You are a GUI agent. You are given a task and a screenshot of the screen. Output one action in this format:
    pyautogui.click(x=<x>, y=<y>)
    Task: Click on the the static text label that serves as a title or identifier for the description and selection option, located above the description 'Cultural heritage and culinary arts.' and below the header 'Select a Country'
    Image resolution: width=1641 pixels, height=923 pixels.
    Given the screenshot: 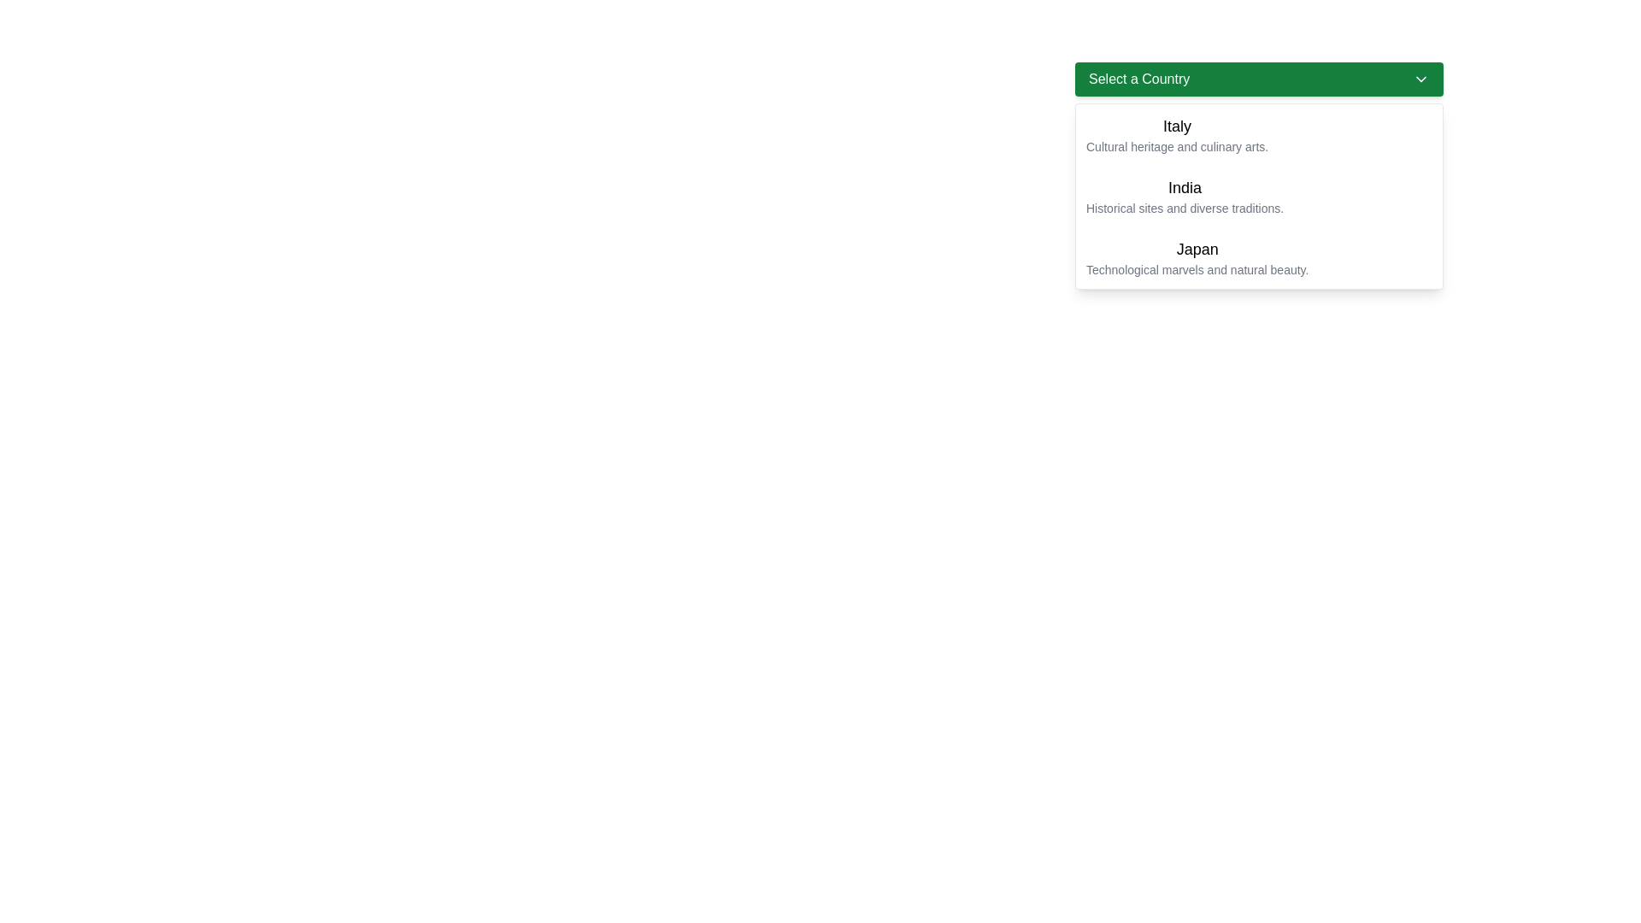 What is the action you would take?
    pyautogui.click(x=1176, y=125)
    